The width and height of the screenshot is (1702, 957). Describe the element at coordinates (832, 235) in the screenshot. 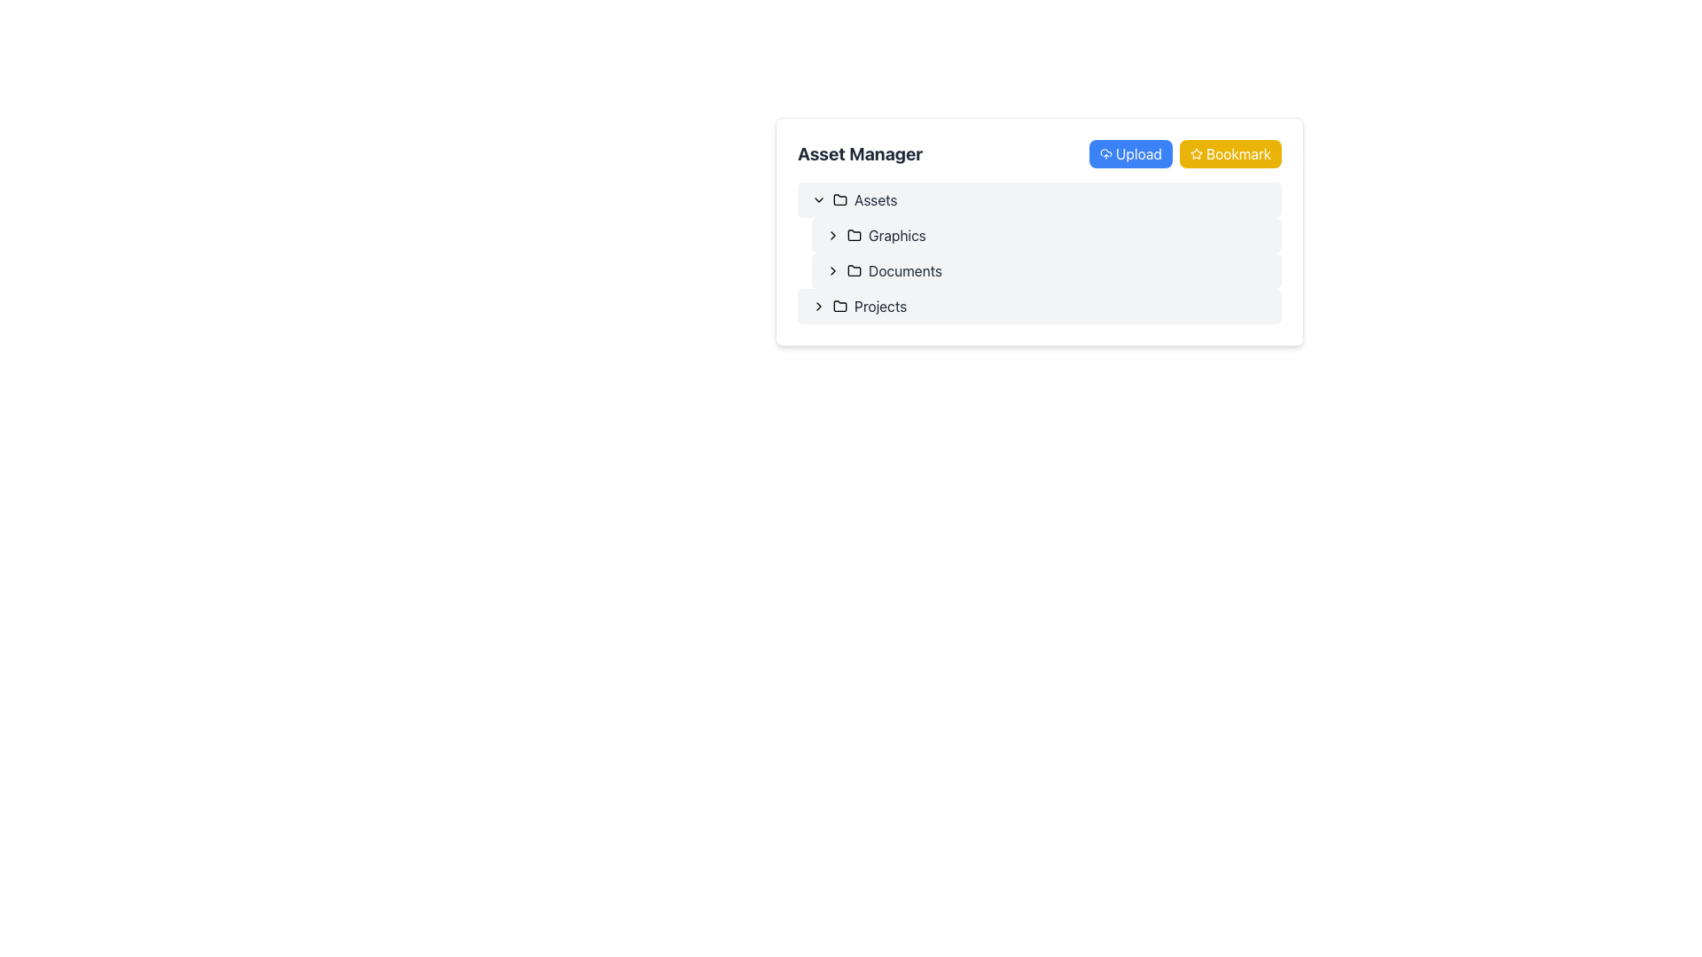

I see `the chevron icon toggle` at that location.